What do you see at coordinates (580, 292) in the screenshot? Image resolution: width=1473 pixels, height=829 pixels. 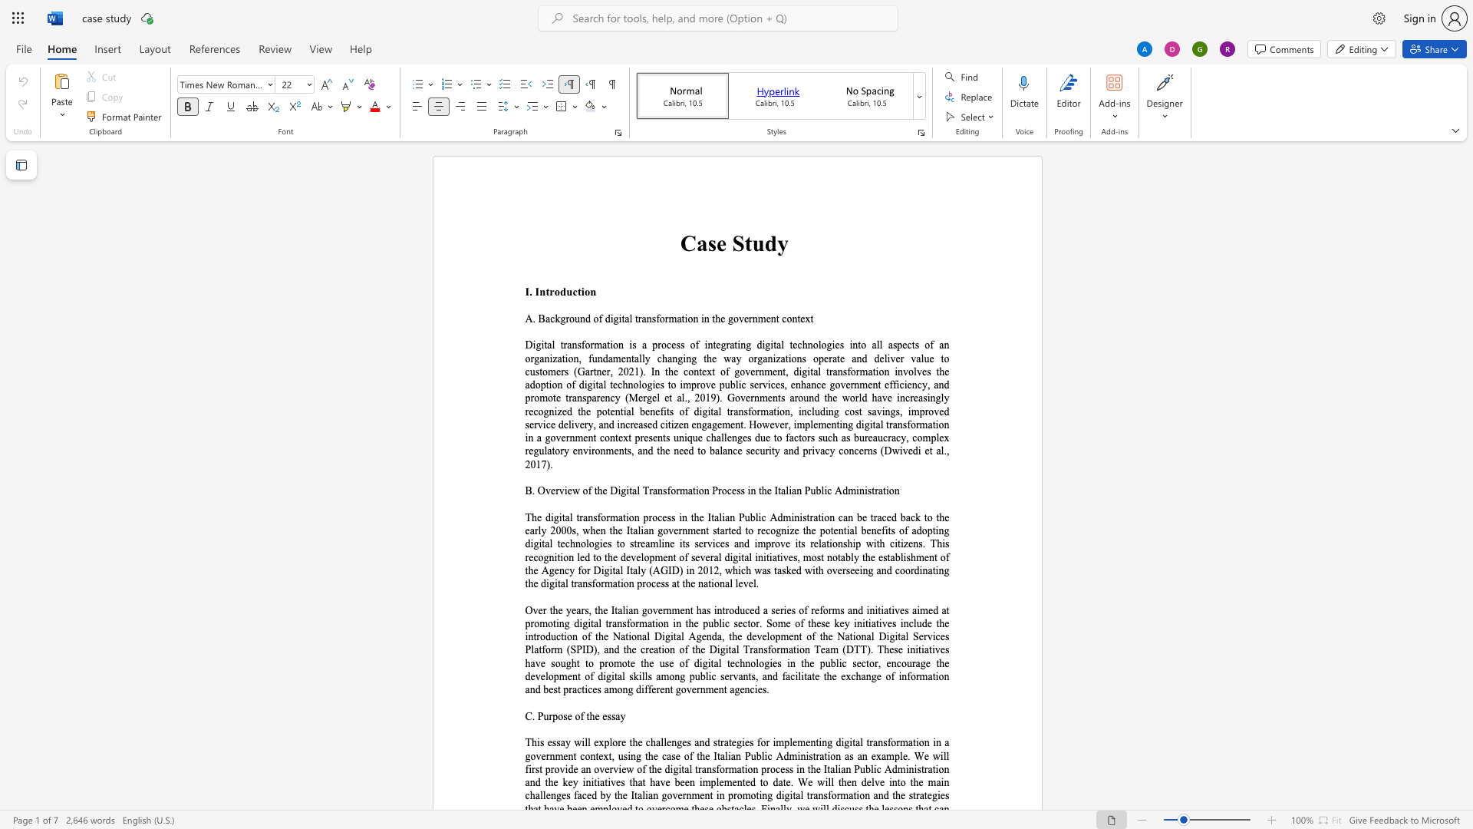 I see `the space between the continuous character "t" and "i" in the text` at bounding box center [580, 292].